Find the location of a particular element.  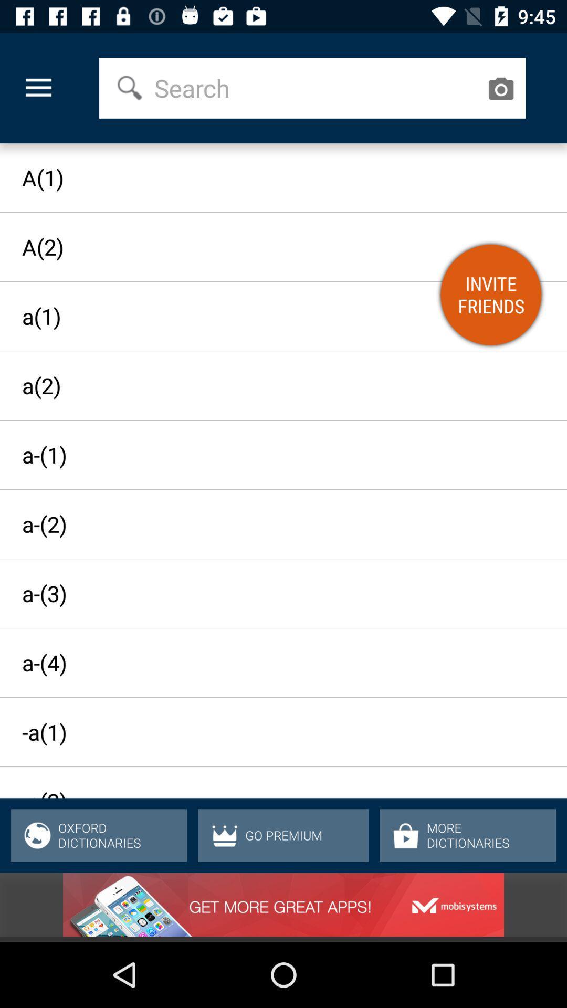

invite friends icon is located at coordinates (491, 294).